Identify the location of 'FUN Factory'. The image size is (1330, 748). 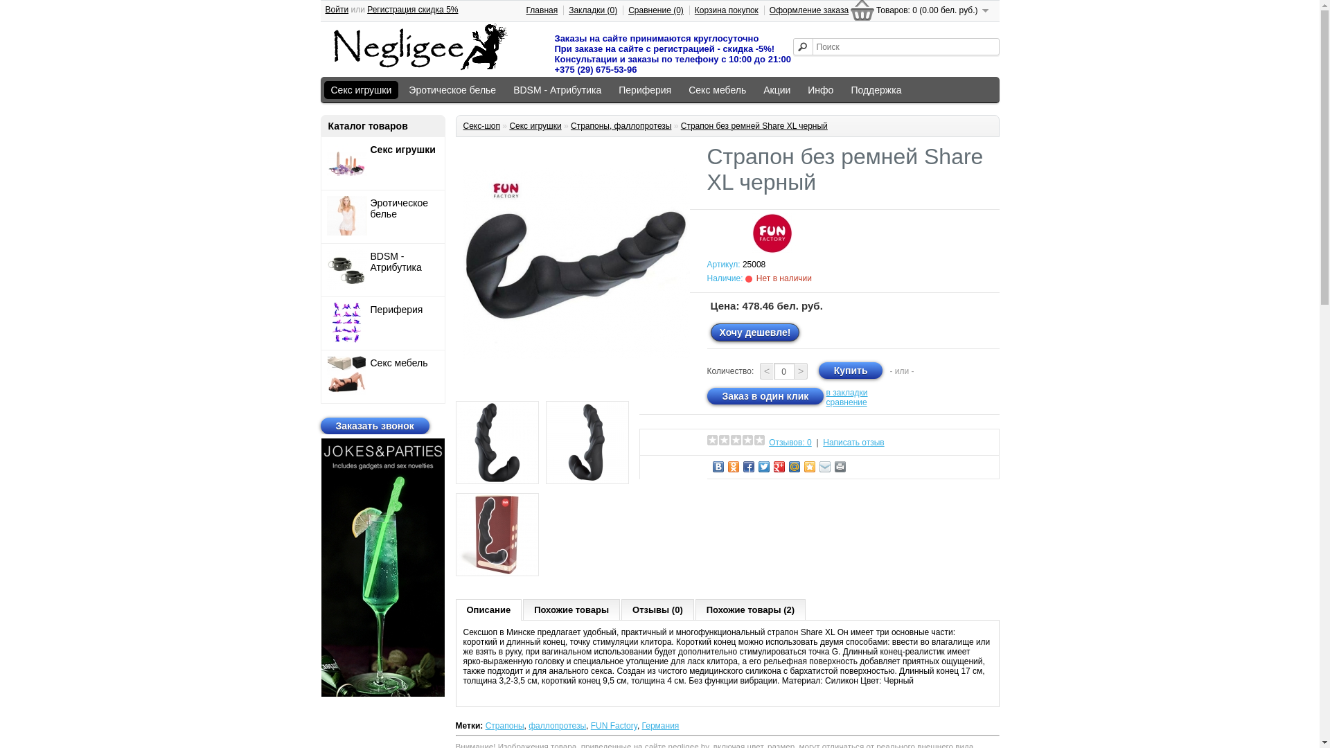
(613, 725).